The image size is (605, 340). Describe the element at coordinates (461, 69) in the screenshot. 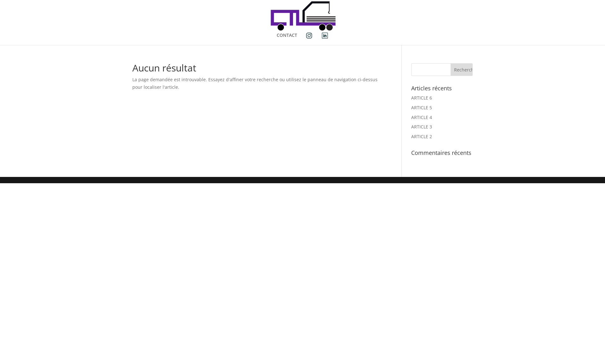

I see `'Rechercher'` at that location.